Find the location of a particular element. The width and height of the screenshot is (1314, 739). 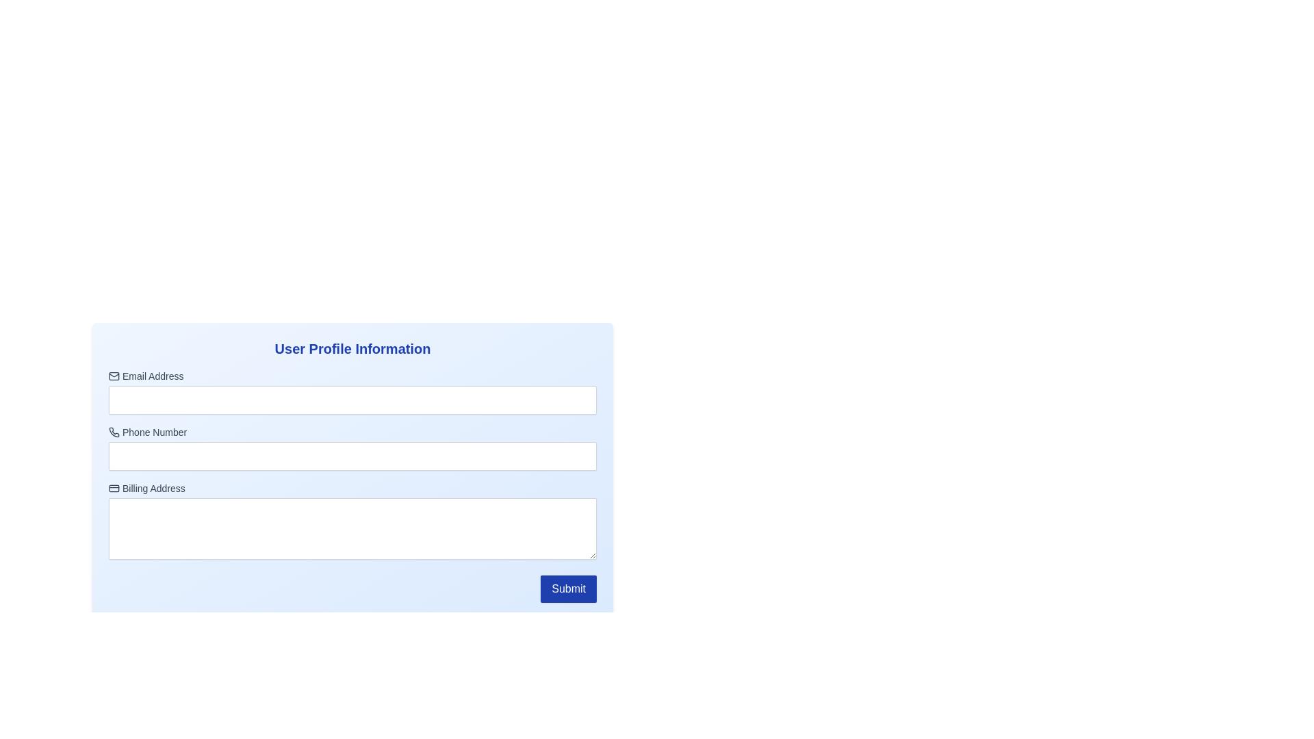

the user profile information section header text label, which is positioned above the 'Email Address', 'Phone Number', and 'Billing Address' fields is located at coordinates (352, 348).